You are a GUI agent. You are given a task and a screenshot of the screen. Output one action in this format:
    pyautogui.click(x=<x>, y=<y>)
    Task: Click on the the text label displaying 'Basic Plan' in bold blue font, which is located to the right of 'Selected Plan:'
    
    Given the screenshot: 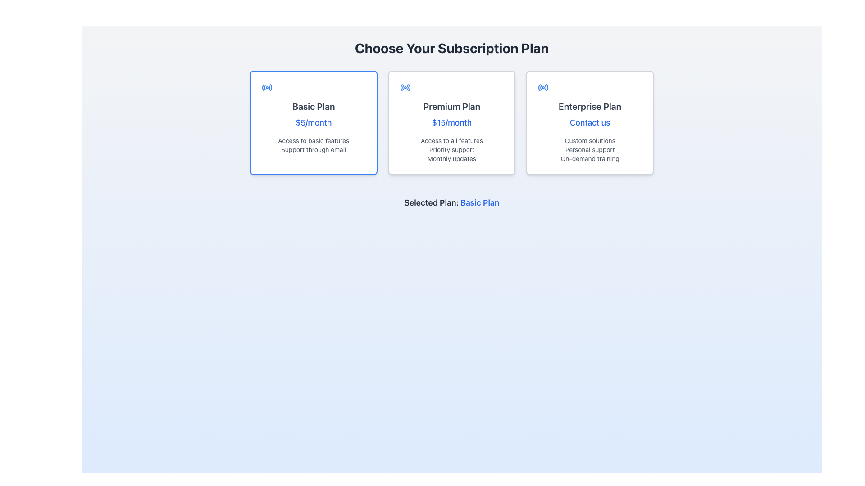 What is the action you would take?
    pyautogui.click(x=479, y=202)
    